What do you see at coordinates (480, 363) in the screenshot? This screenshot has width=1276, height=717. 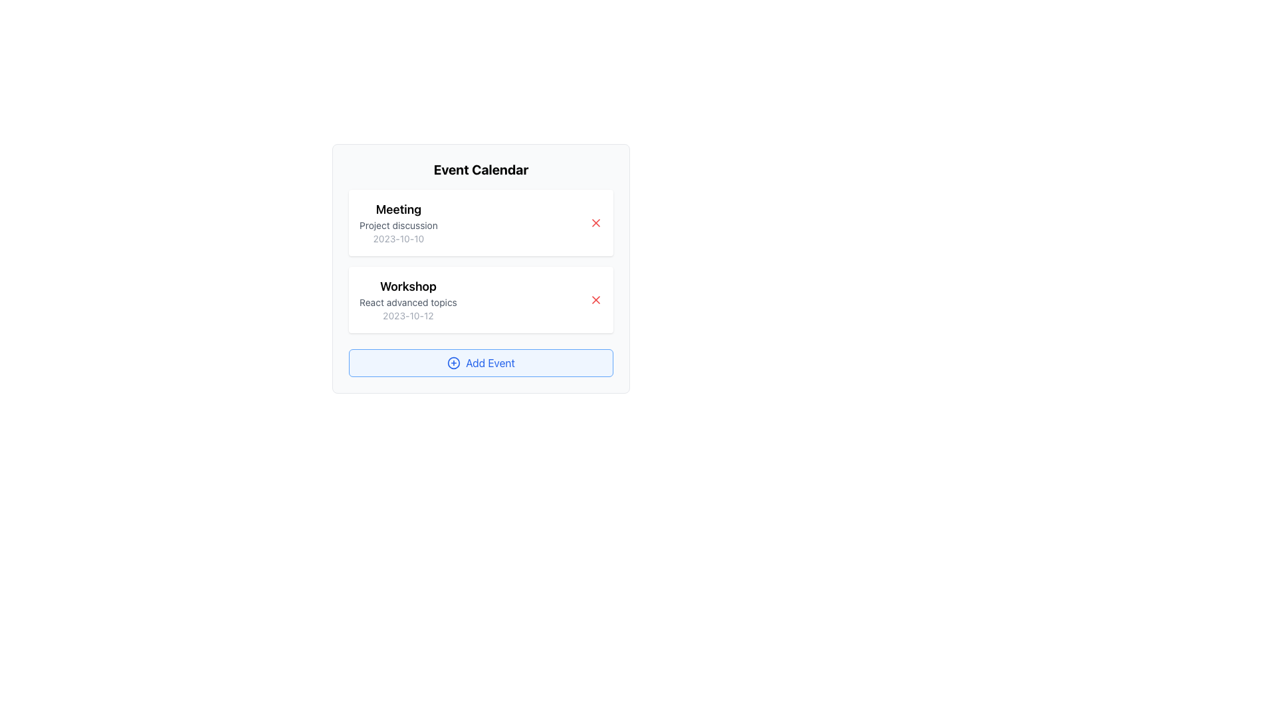 I see `the 'Add New Event' button located at the bottom of the 'Event Calendar' card` at bounding box center [480, 363].